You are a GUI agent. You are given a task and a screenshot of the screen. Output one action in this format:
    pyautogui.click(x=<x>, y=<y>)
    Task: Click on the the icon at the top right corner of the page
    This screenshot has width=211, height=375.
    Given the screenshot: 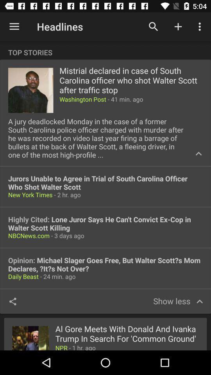 What is the action you would take?
    pyautogui.click(x=201, y=27)
    